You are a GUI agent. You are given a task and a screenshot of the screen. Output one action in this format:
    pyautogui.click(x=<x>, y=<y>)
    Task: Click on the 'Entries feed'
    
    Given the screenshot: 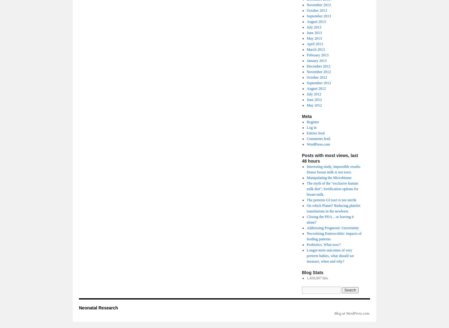 What is the action you would take?
    pyautogui.click(x=316, y=133)
    